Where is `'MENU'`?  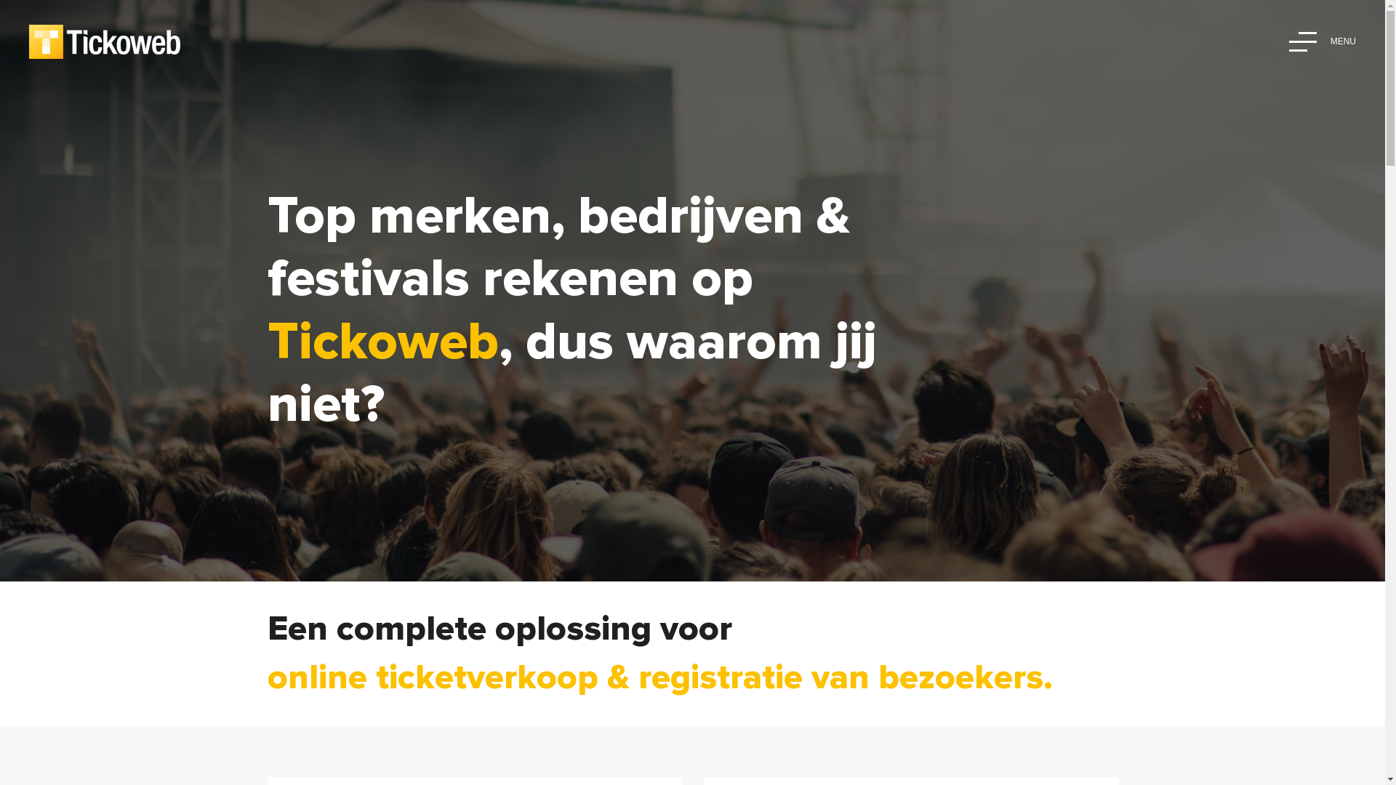 'MENU' is located at coordinates (1323, 41).